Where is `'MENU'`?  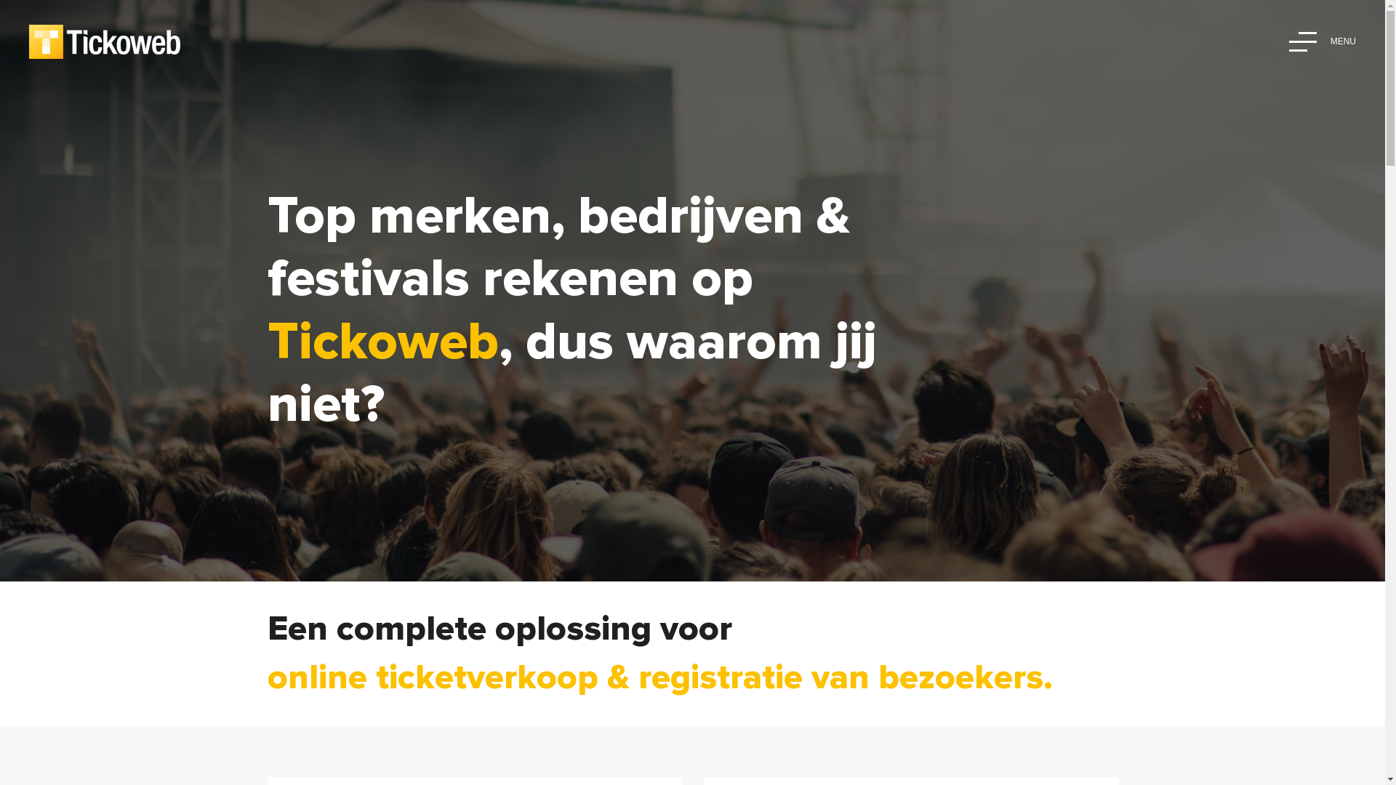 'MENU' is located at coordinates (1323, 41).